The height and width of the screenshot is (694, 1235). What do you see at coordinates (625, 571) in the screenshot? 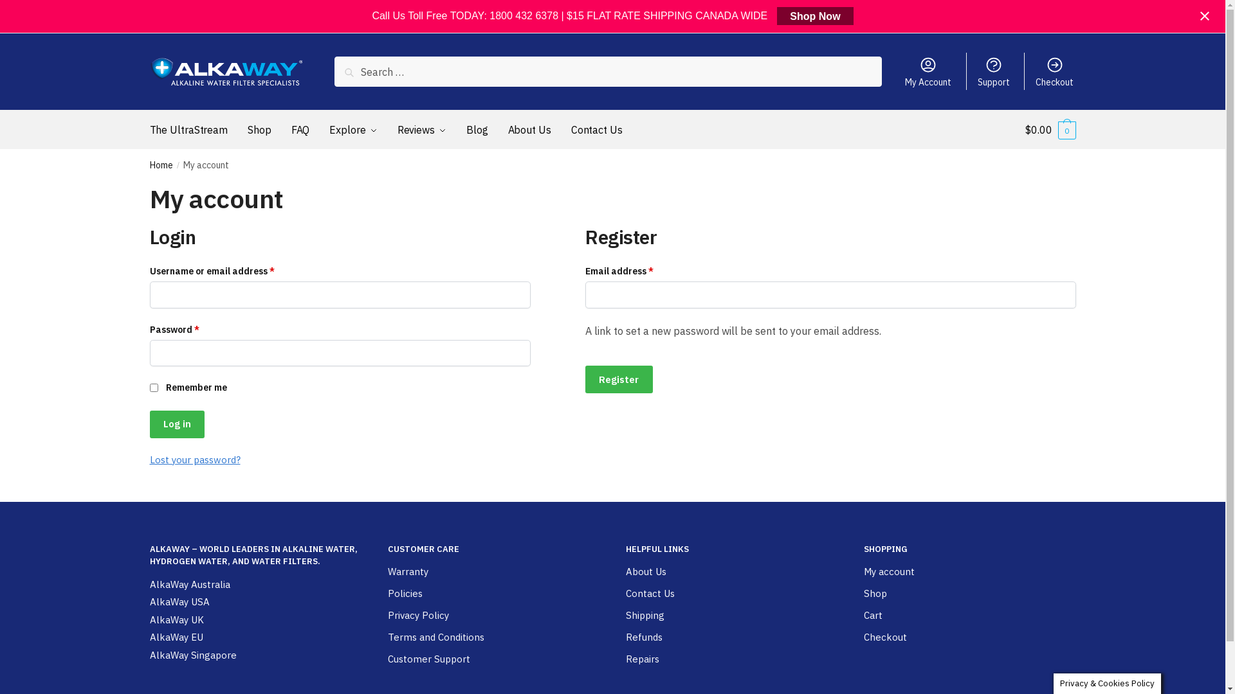
I see `'About Us'` at bounding box center [625, 571].